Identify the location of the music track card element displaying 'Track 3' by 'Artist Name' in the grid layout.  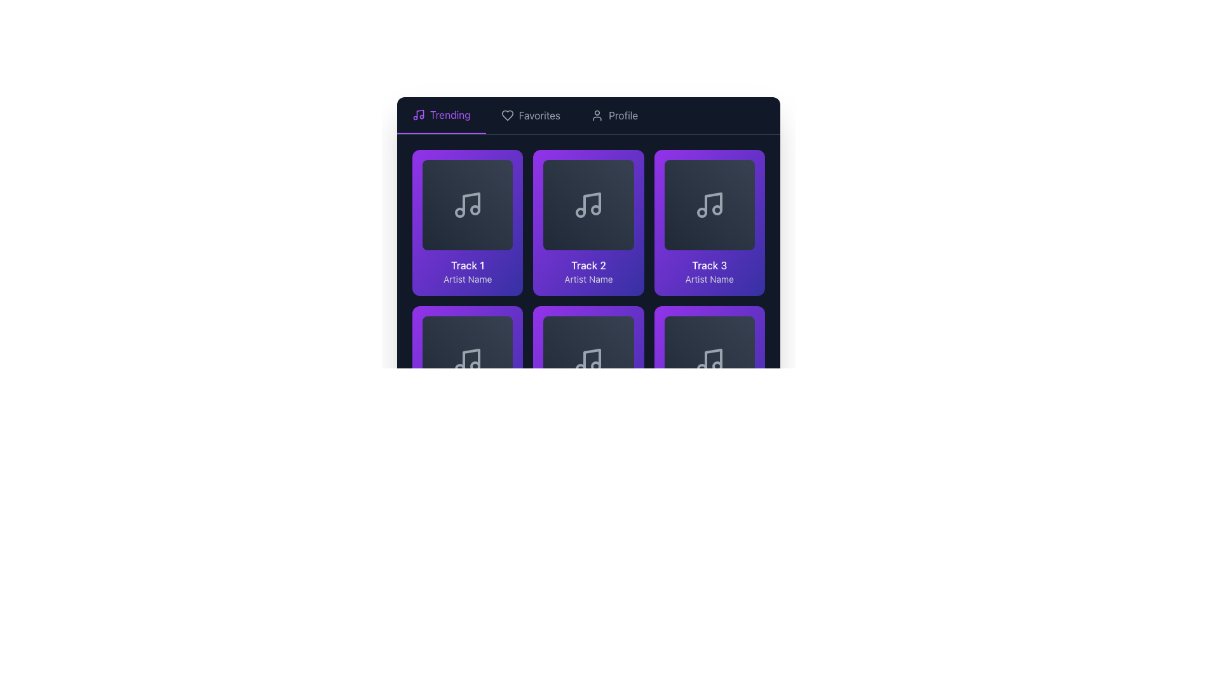
(708, 222).